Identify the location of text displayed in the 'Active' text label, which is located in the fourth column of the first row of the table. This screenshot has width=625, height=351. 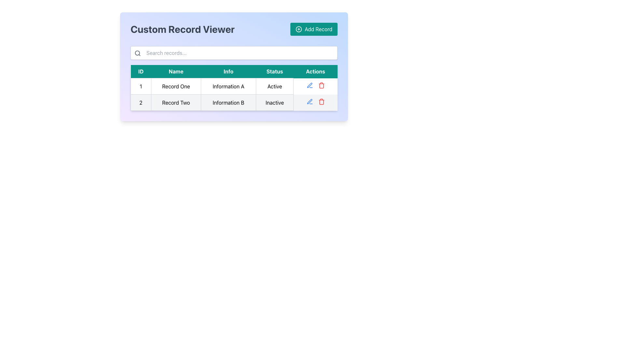
(275, 86).